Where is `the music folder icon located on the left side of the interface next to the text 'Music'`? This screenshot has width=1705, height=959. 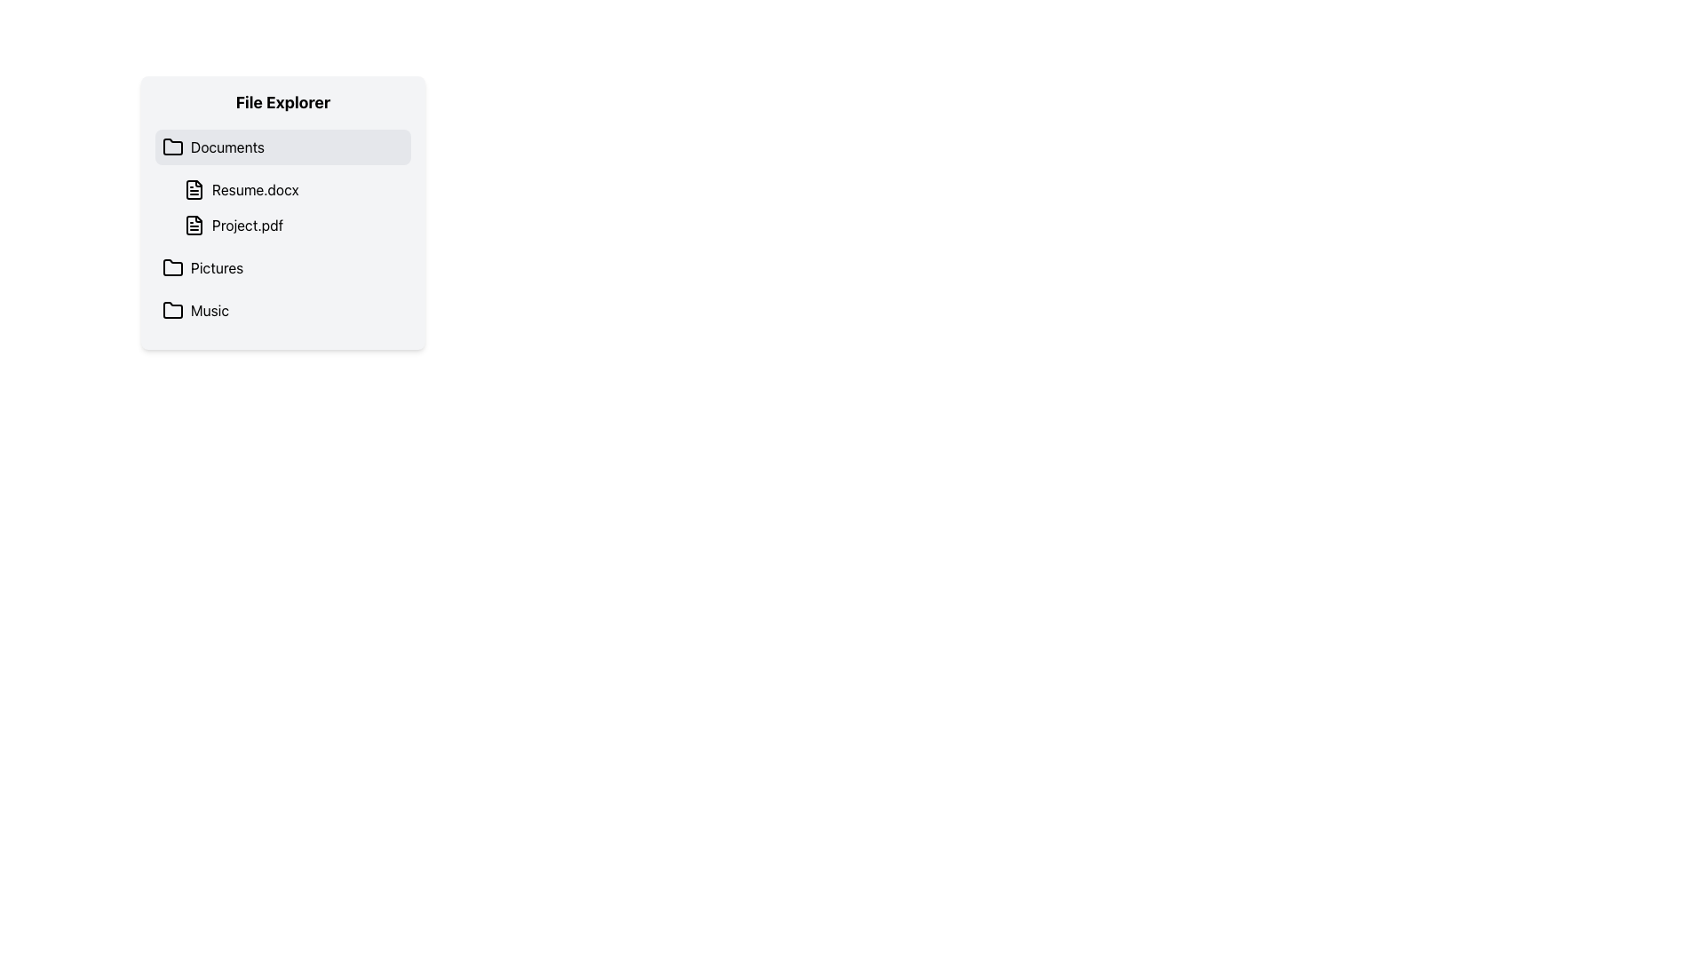 the music folder icon located on the left side of the interface next to the text 'Music' is located at coordinates (173, 310).